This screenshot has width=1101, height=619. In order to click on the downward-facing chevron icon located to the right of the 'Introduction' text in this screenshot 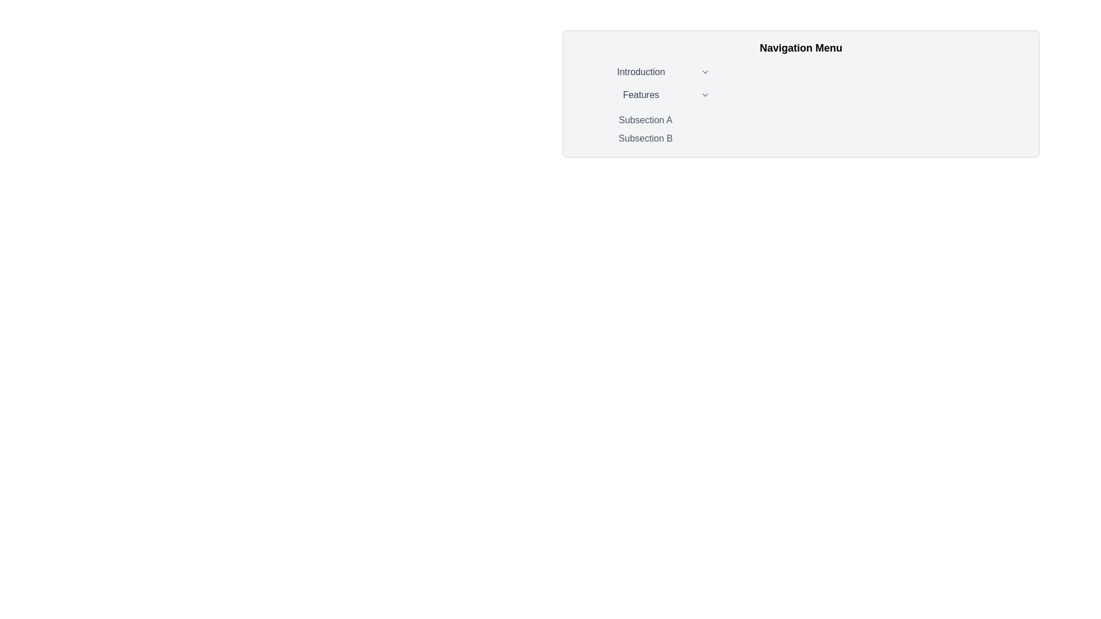, I will do `click(704, 72)`.